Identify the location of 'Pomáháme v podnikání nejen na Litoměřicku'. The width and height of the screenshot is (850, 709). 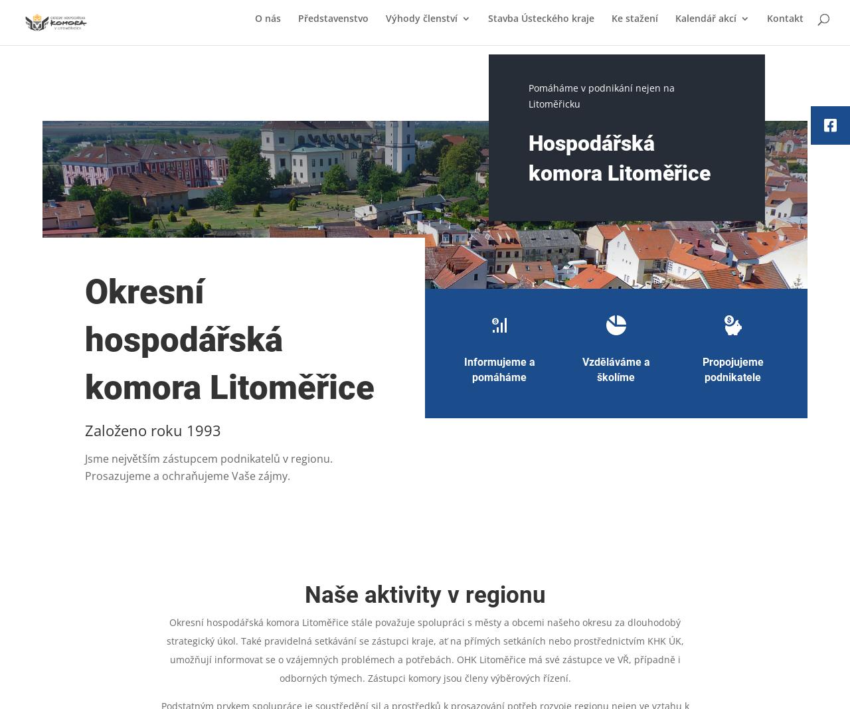
(600, 95).